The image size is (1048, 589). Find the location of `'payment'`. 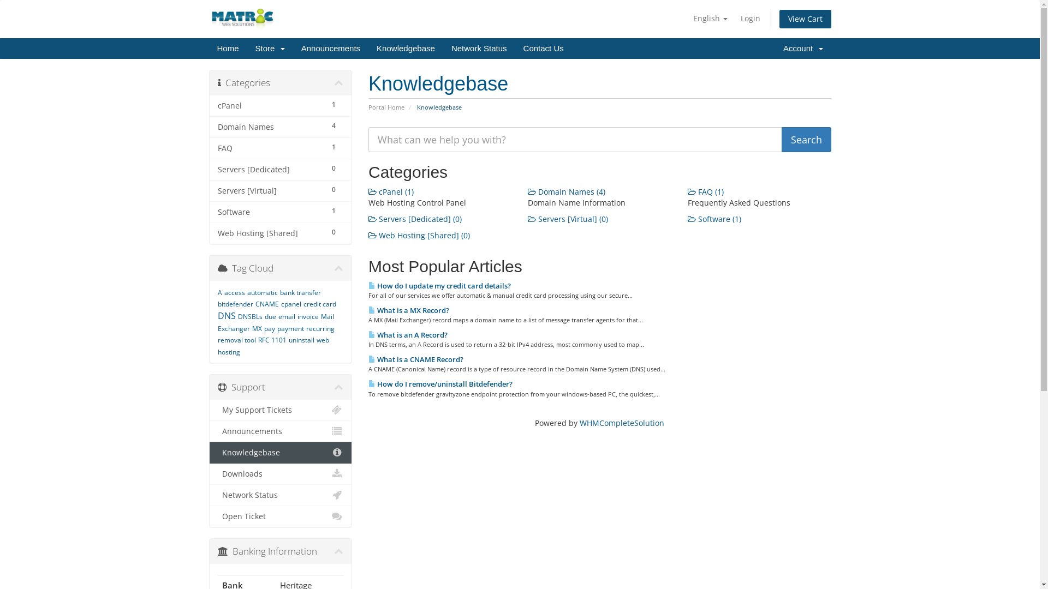

'payment' is located at coordinates (277, 328).